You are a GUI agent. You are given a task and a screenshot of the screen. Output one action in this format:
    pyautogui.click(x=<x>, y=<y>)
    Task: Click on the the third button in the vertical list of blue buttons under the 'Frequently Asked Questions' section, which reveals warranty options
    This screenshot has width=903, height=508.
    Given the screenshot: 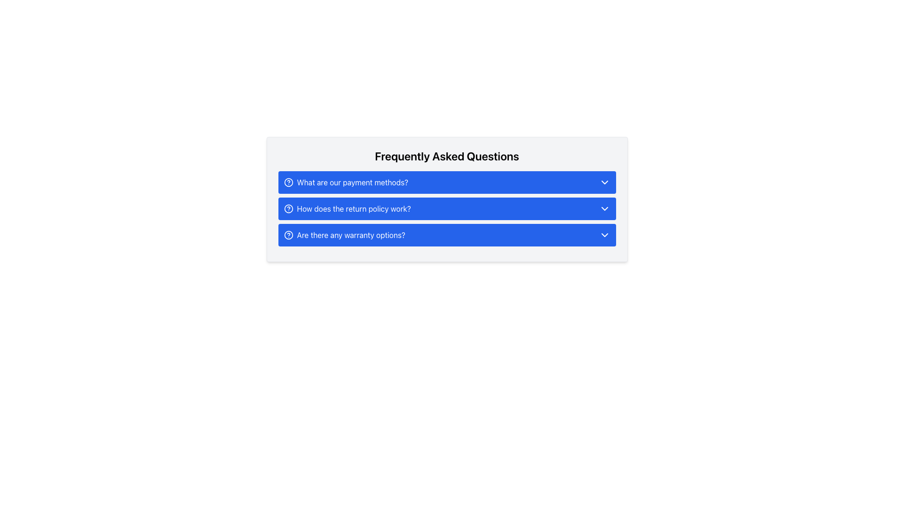 What is the action you would take?
    pyautogui.click(x=344, y=235)
    